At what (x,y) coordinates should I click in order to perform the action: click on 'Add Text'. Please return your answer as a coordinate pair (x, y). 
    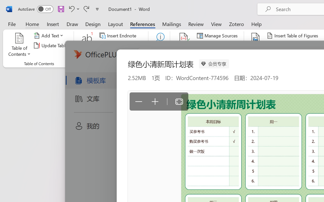
    Looking at the image, I should click on (49, 36).